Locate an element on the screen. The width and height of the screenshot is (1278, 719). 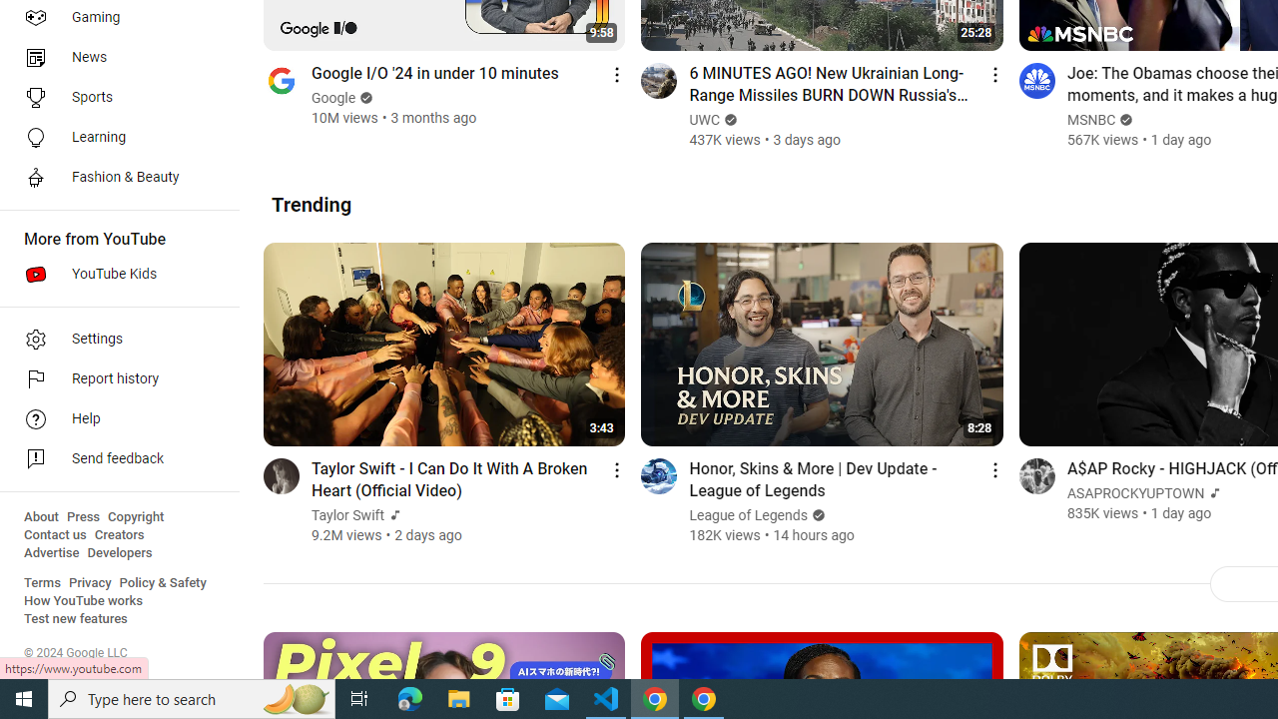
'Policy & Safety' is located at coordinates (163, 583).